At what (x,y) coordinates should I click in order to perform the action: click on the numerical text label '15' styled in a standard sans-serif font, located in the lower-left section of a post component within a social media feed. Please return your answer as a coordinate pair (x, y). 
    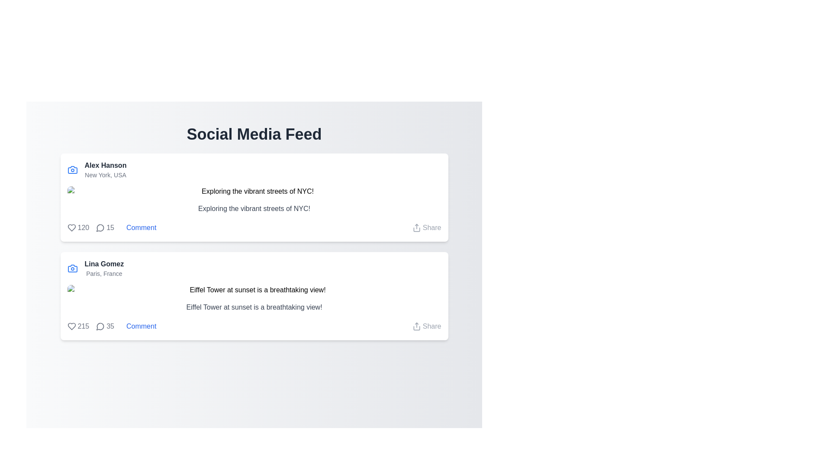
    Looking at the image, I should click on (110, 227).